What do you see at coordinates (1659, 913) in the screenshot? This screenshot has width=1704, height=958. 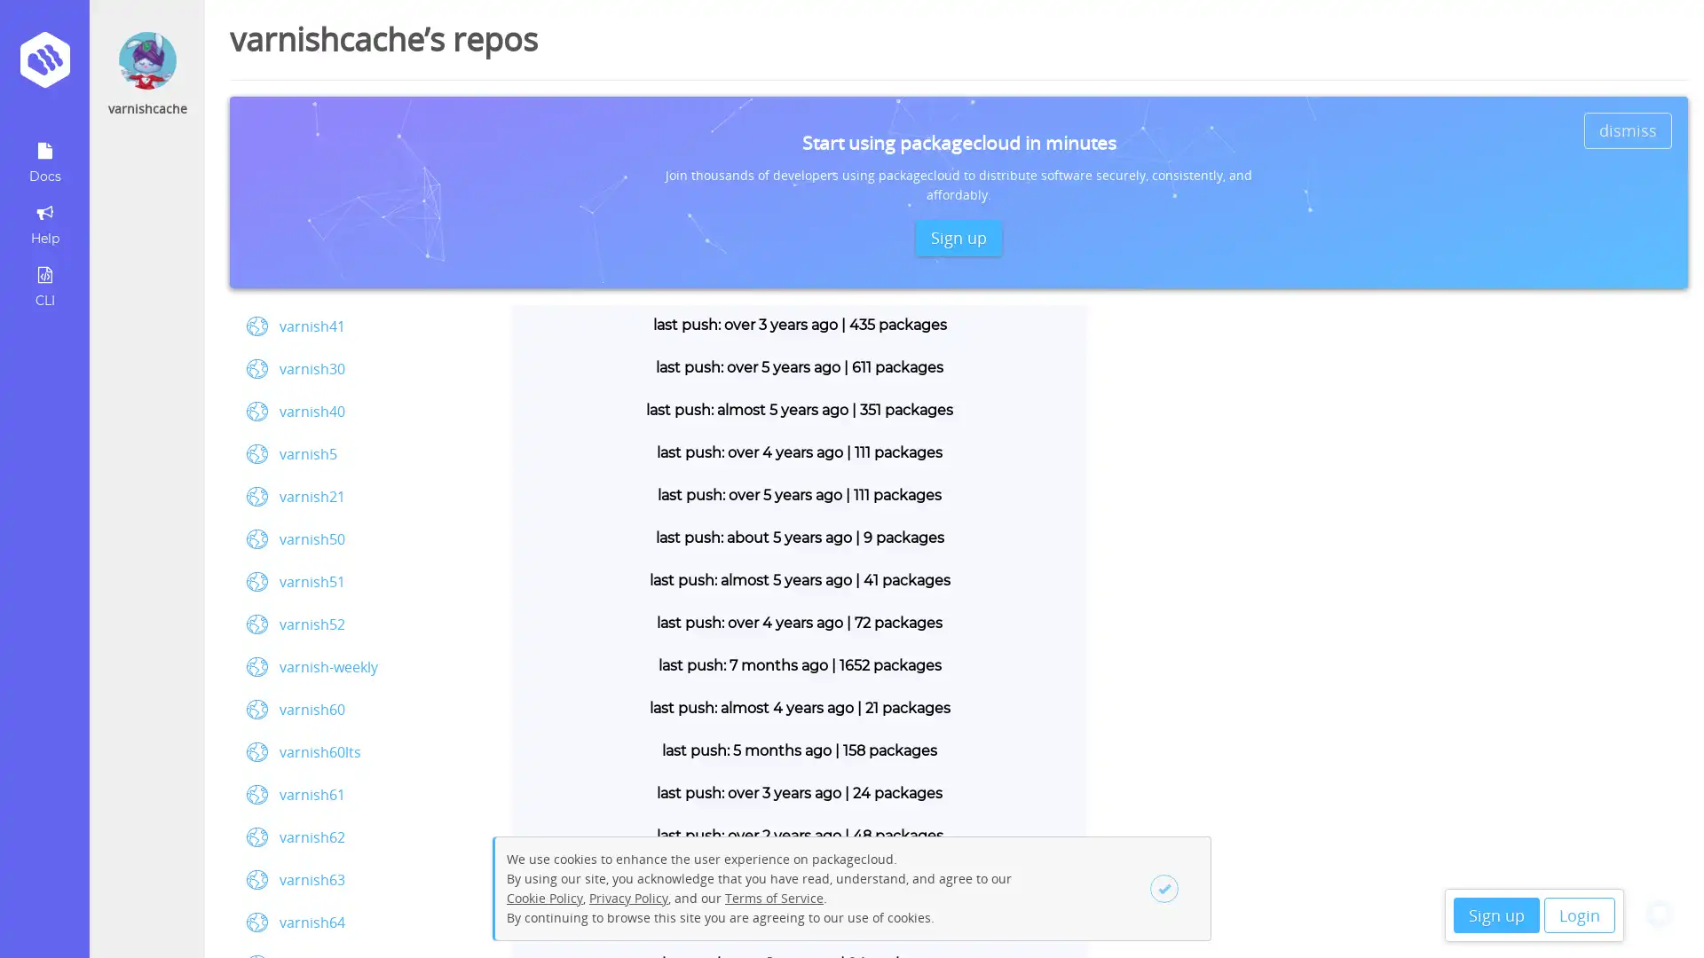 I see `Open Intercom Messenger` at bounding box center [1659, 913].